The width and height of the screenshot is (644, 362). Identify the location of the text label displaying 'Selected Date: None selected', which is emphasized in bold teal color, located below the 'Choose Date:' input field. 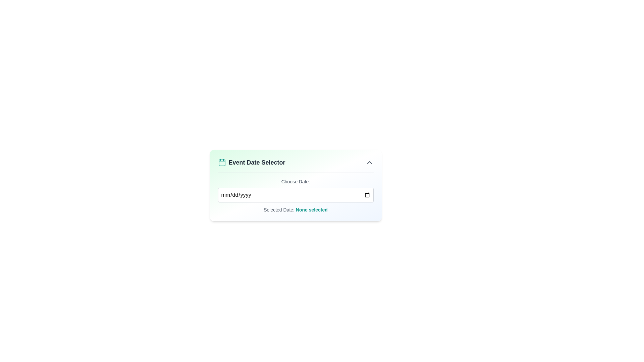
(295, 209).